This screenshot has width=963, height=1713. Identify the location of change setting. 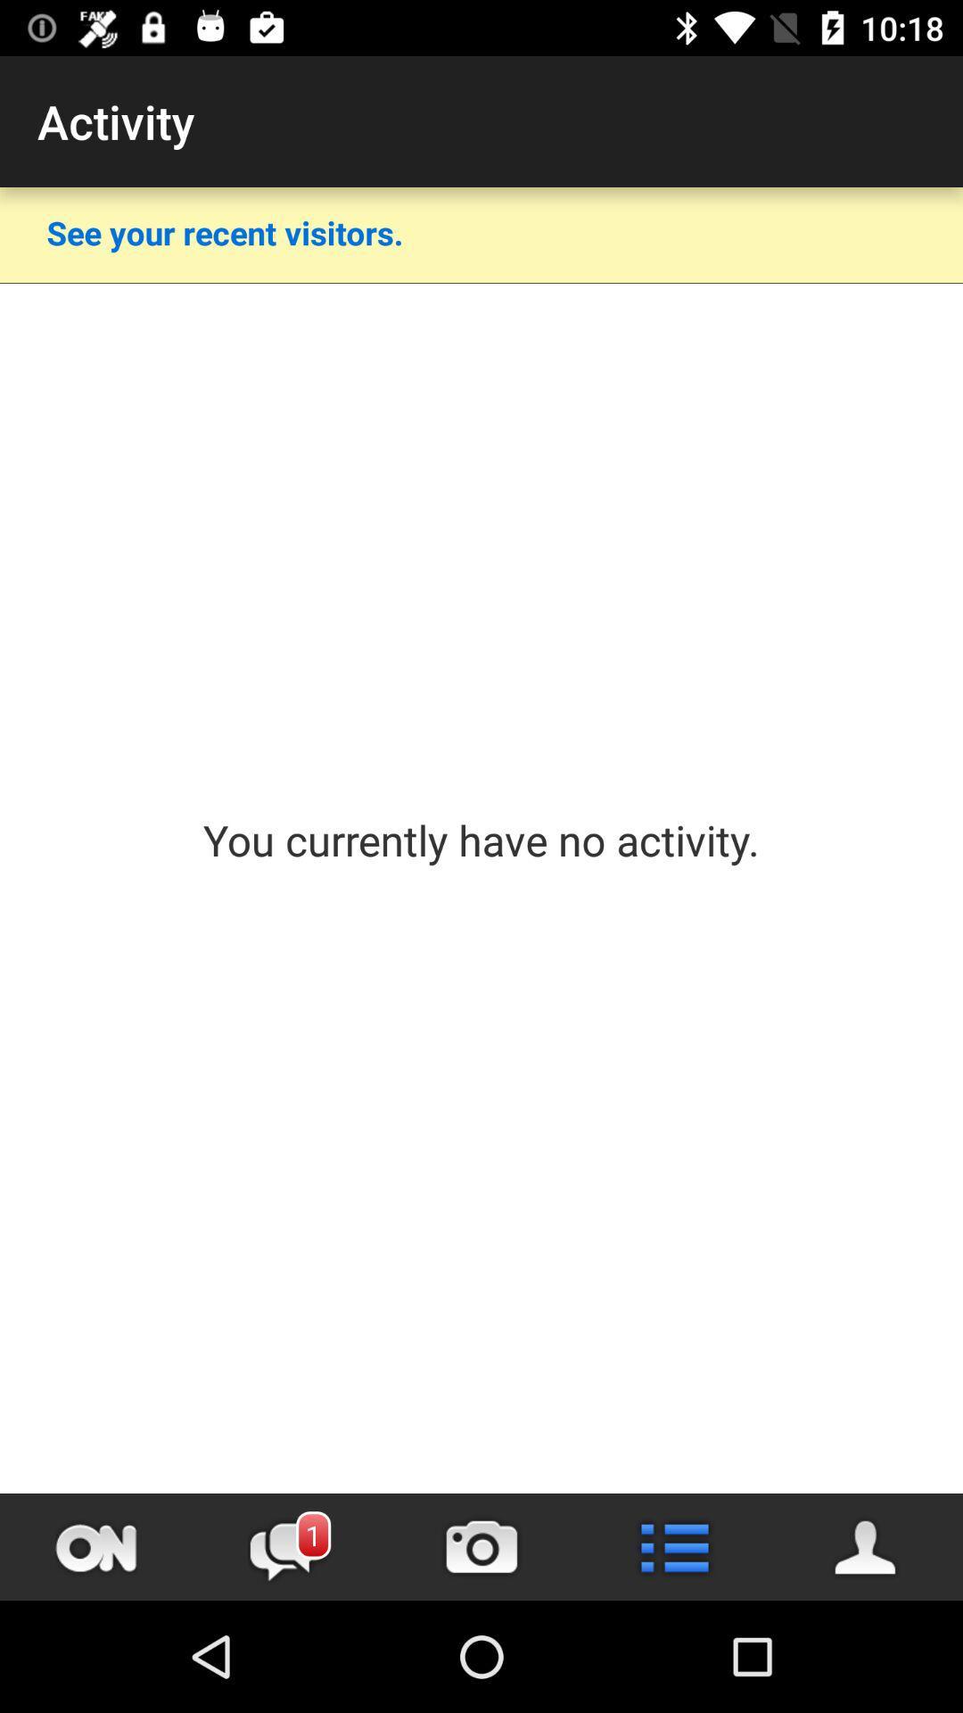
(674, 1546).